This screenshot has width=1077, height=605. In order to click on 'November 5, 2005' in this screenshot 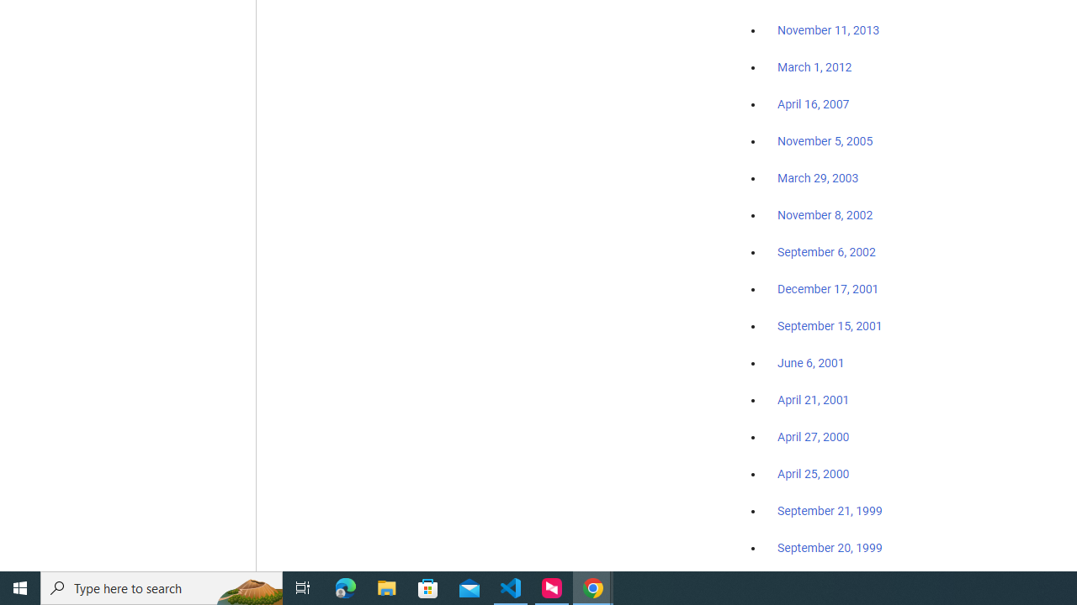, I will do `click(825, 140)`.